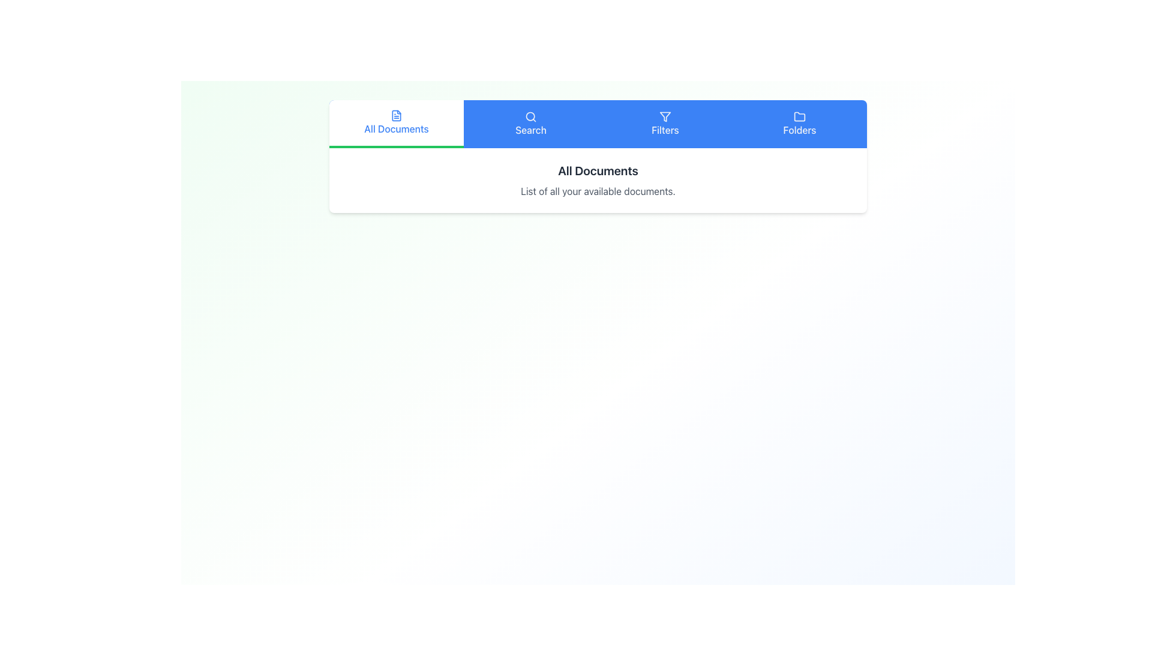 This screenshot has width=1152, height=648. Describe the element at coordinates (530, 124) in the screenshot. I see `the search button located in the second slot from the left in the horizontal navigation bar to initiate a search operation` at that location.